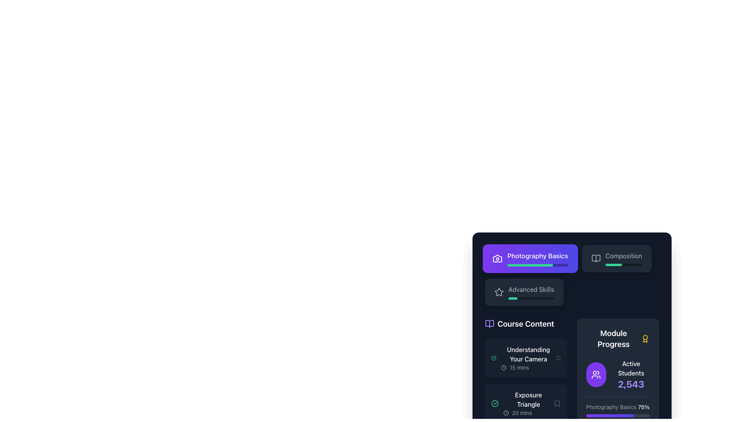 The width and height of the screenshot is (751, 422). Describe the element at coordinates (497, 259) in the screenshot. I see `the 'Photography Basics' icon, which visually represents the section with a camera-like design, located in the top-left corner near its text label` at that location.